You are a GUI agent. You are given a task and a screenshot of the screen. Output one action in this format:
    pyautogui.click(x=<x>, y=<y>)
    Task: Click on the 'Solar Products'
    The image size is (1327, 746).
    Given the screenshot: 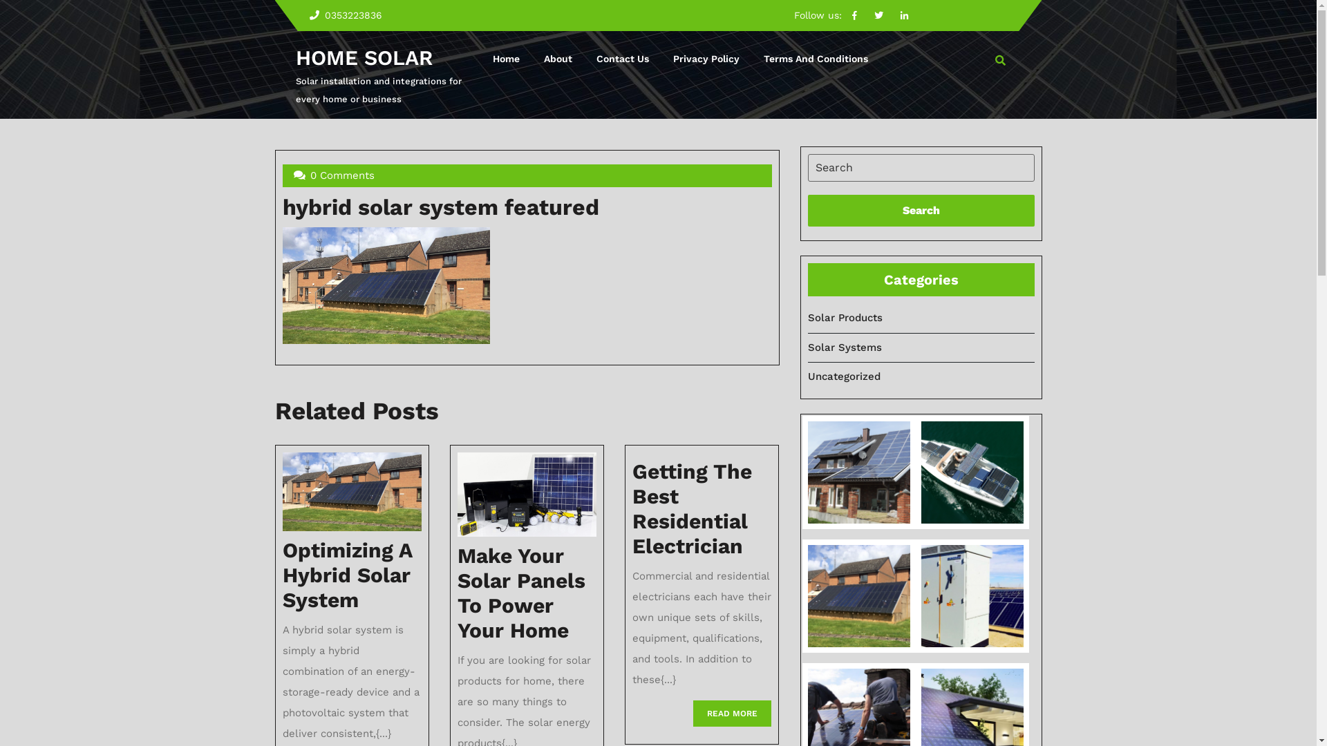 What is the action you would take?
    pyautogui.click(x=844, y=317)
    